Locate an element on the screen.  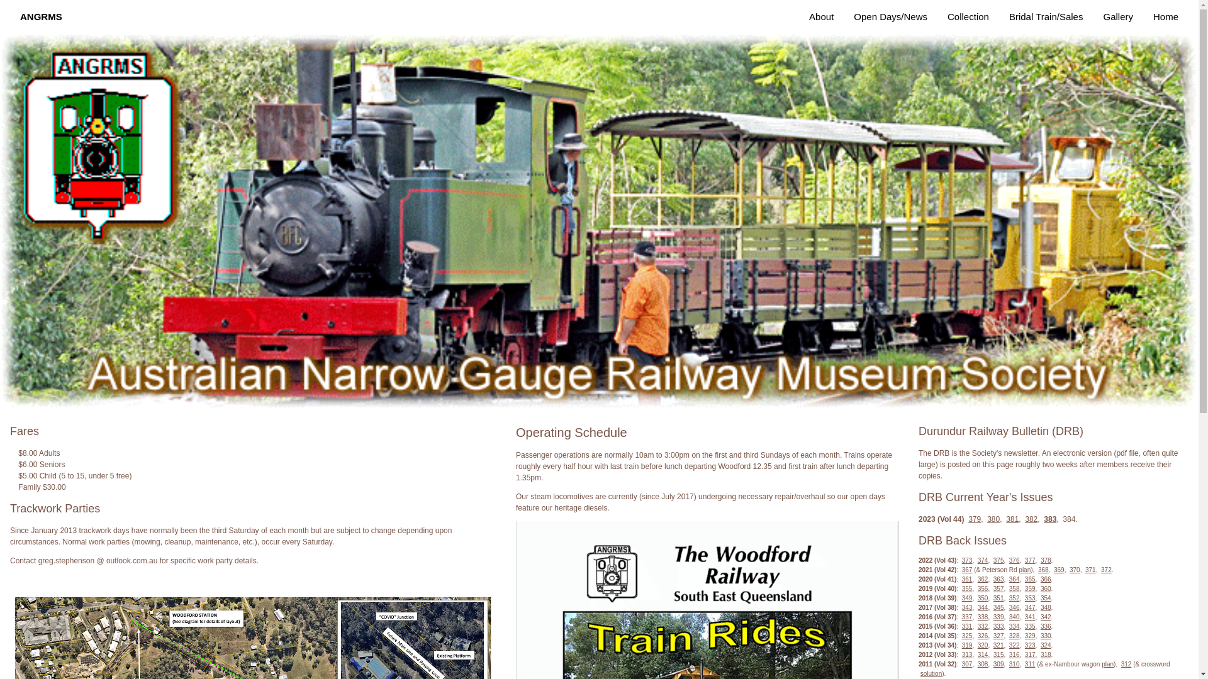
'348' is located at coordinates (1041, 607).